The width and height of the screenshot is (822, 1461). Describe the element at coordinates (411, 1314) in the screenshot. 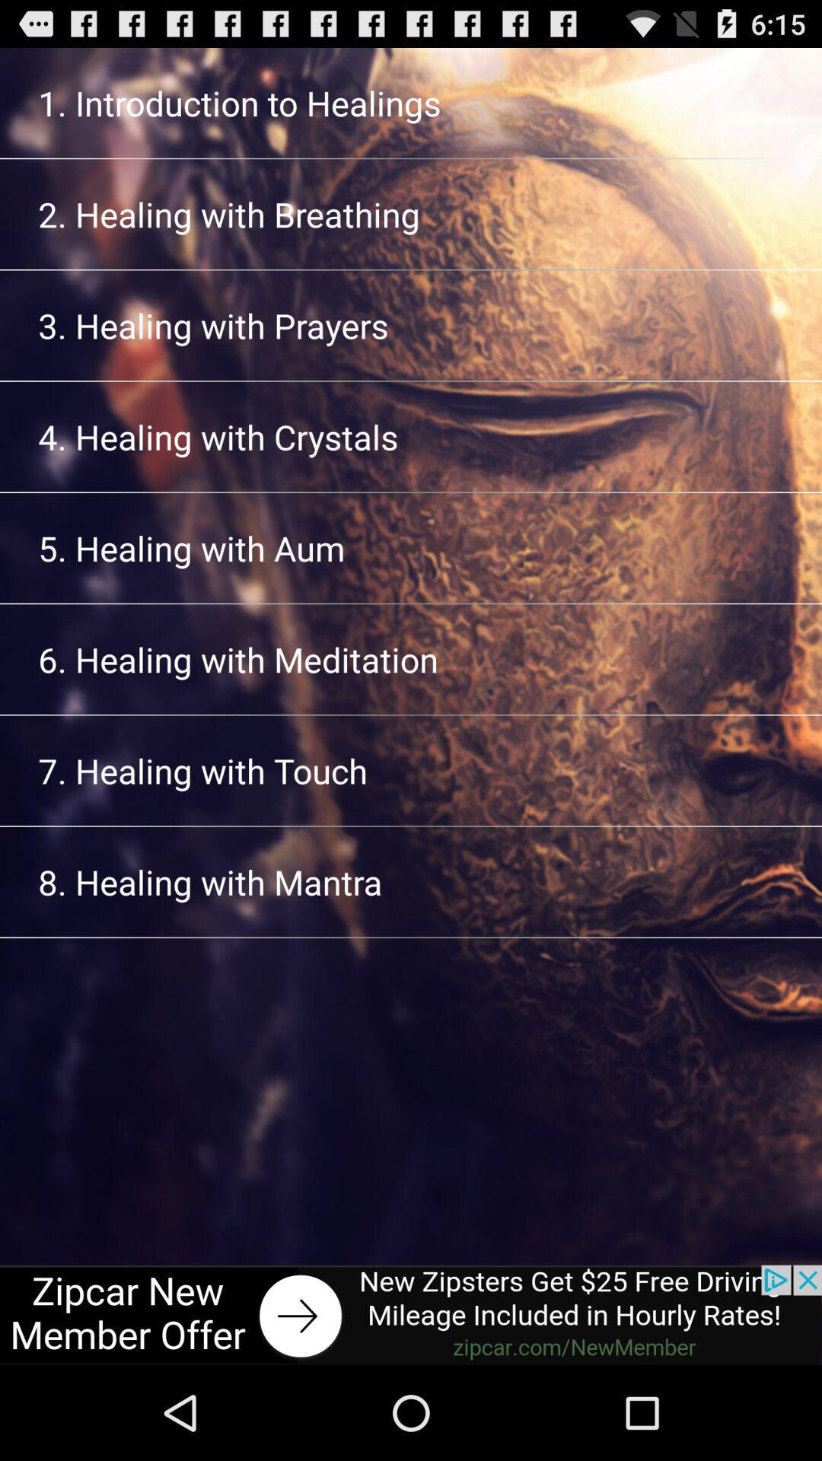

I see `bottom advertisement` at that location.